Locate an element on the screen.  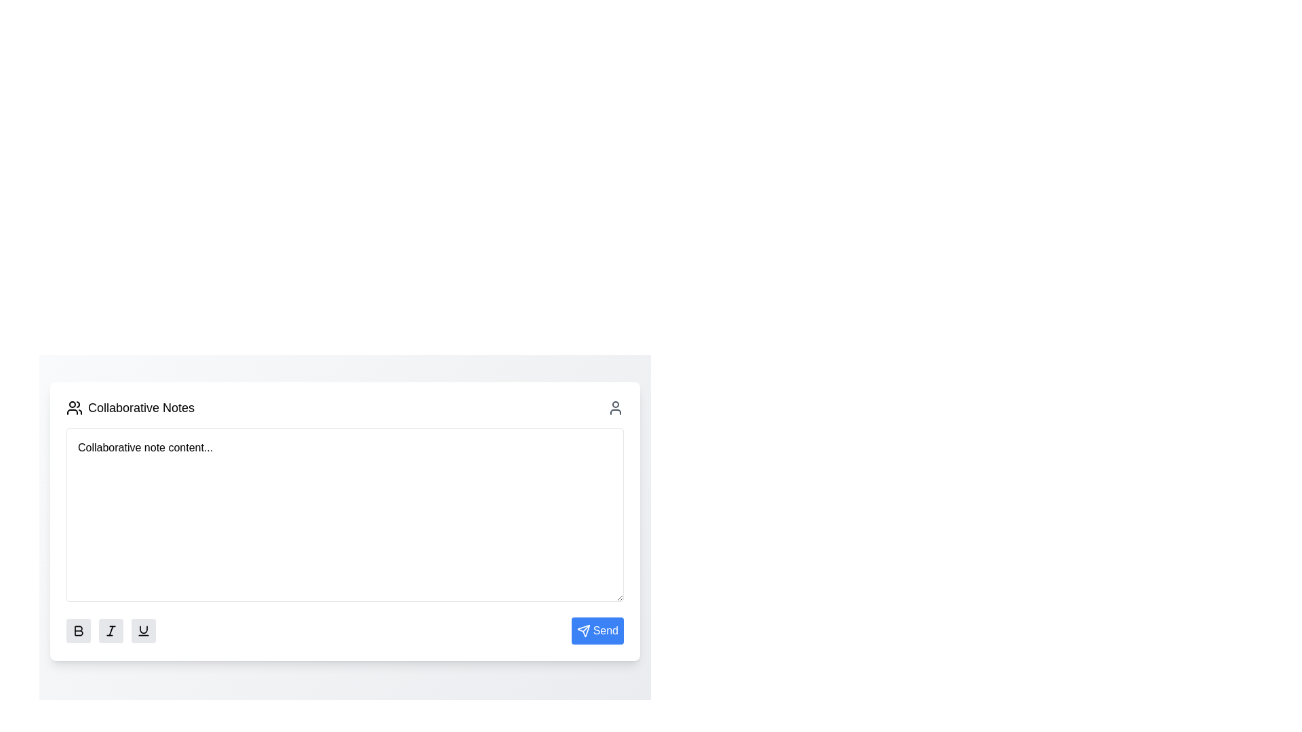
the bold letter B icon is located at coordinates (78, 630).